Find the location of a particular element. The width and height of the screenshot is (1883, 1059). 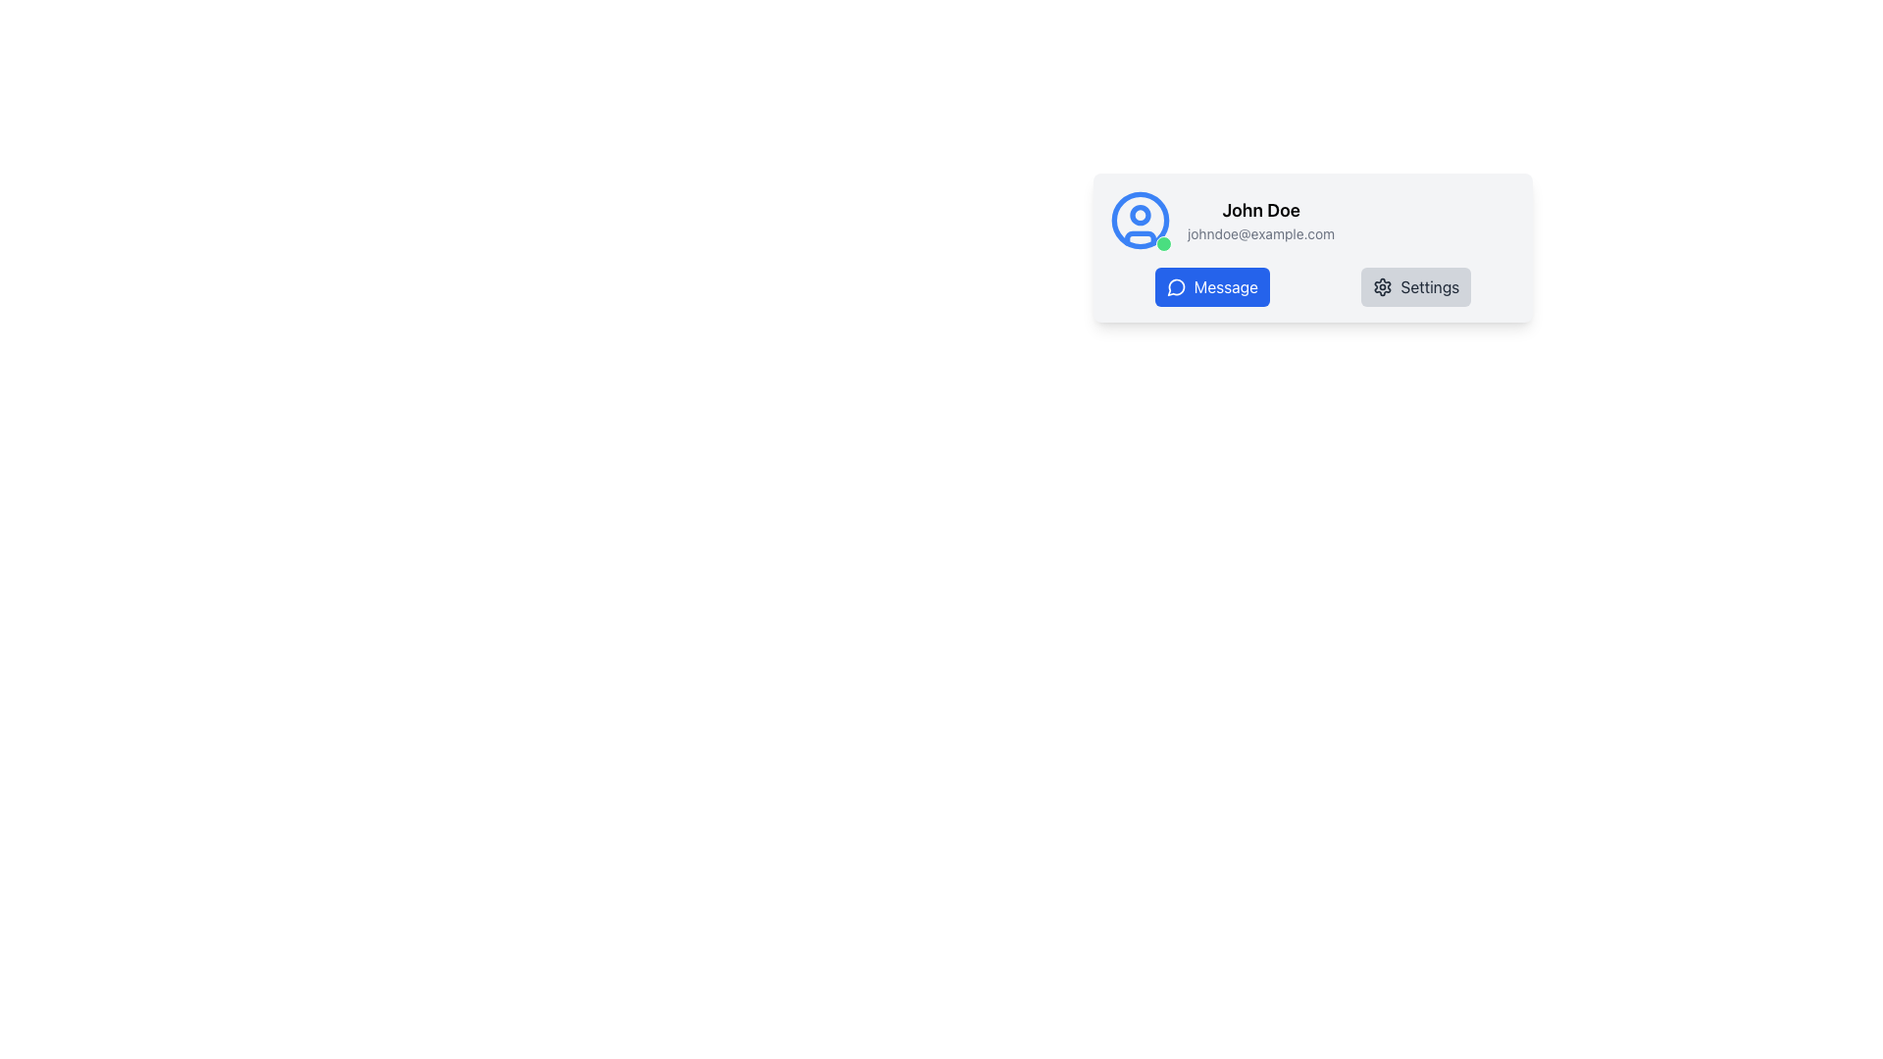

the SVG circle element that represents the outer circular outline of the user avatar, which is centrally placed within the user icon is located at coordinates (1140, 220).